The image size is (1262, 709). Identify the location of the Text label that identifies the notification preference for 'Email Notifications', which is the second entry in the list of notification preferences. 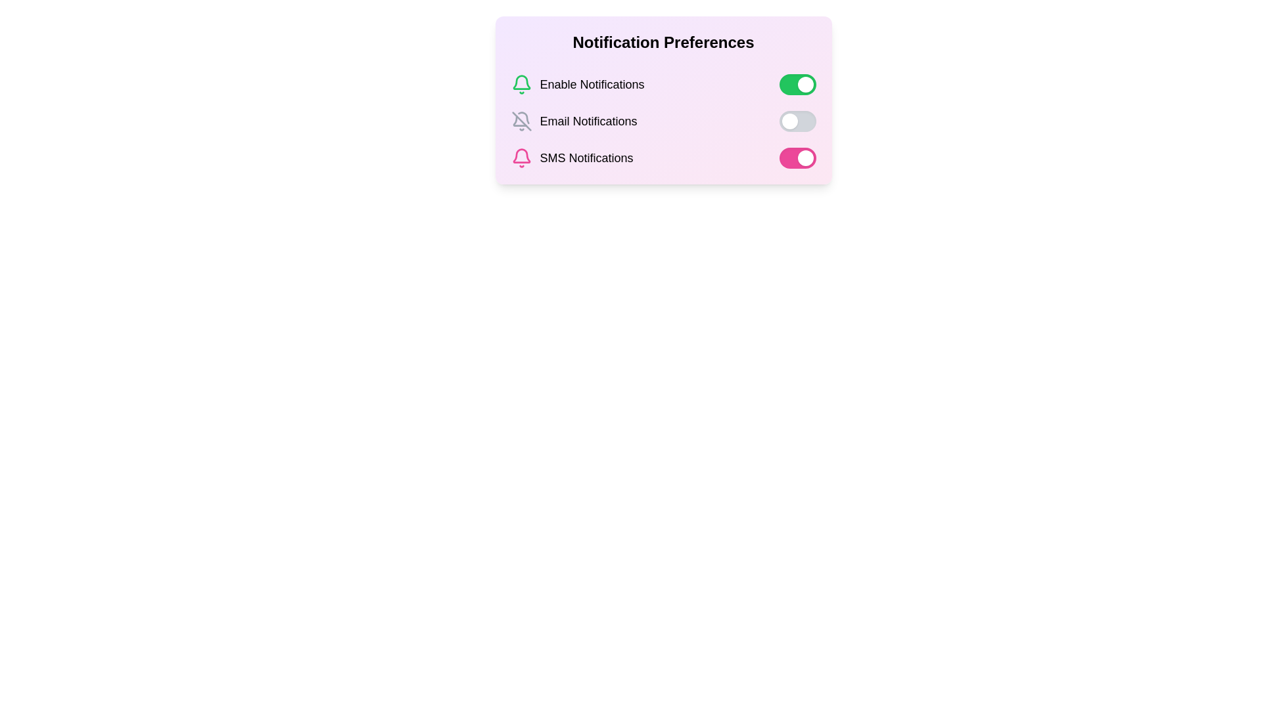
(588, 121).